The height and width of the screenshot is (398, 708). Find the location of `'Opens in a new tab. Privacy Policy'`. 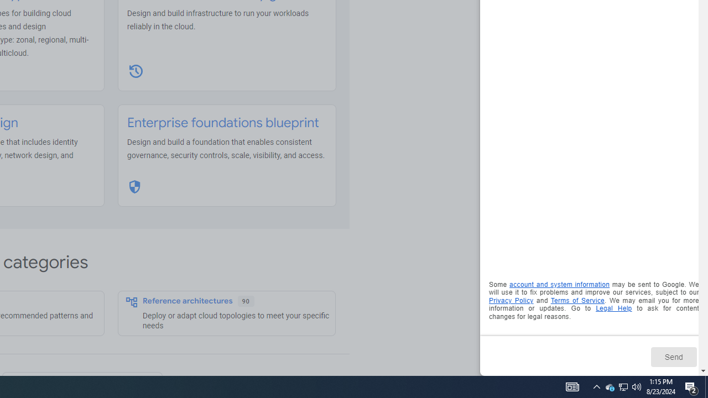

'Opens in a new tab. Privacy Policy' is located at coordinates (511, 300).